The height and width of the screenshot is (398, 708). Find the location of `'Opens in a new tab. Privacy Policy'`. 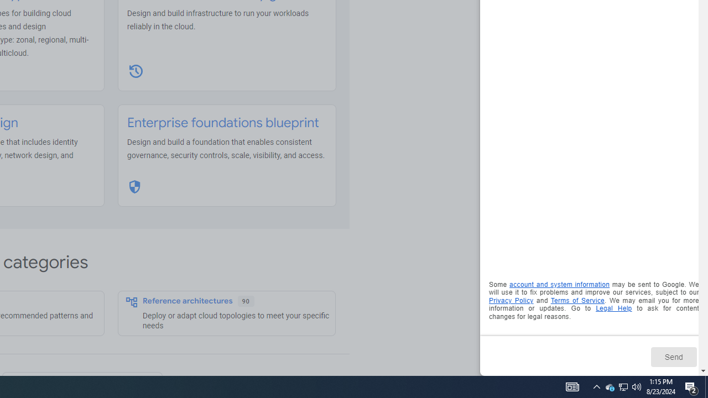

'Opens in a new tab. Privacy Policy' is located at coordinates (511, 300).